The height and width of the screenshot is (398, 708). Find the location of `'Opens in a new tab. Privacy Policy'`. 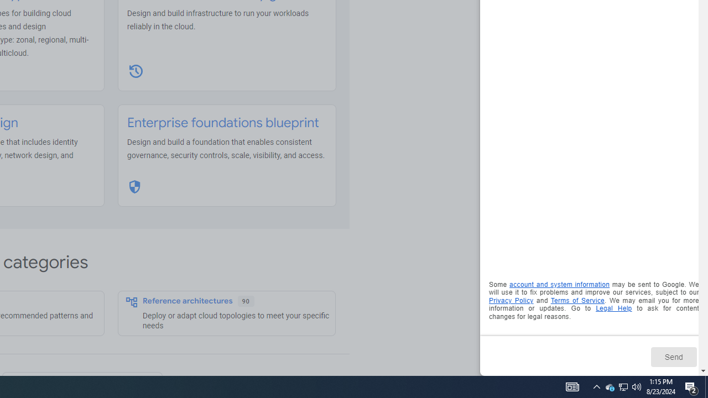

'Opens in a new tab. Privacy Policy' is located at coordinates (511, 300).